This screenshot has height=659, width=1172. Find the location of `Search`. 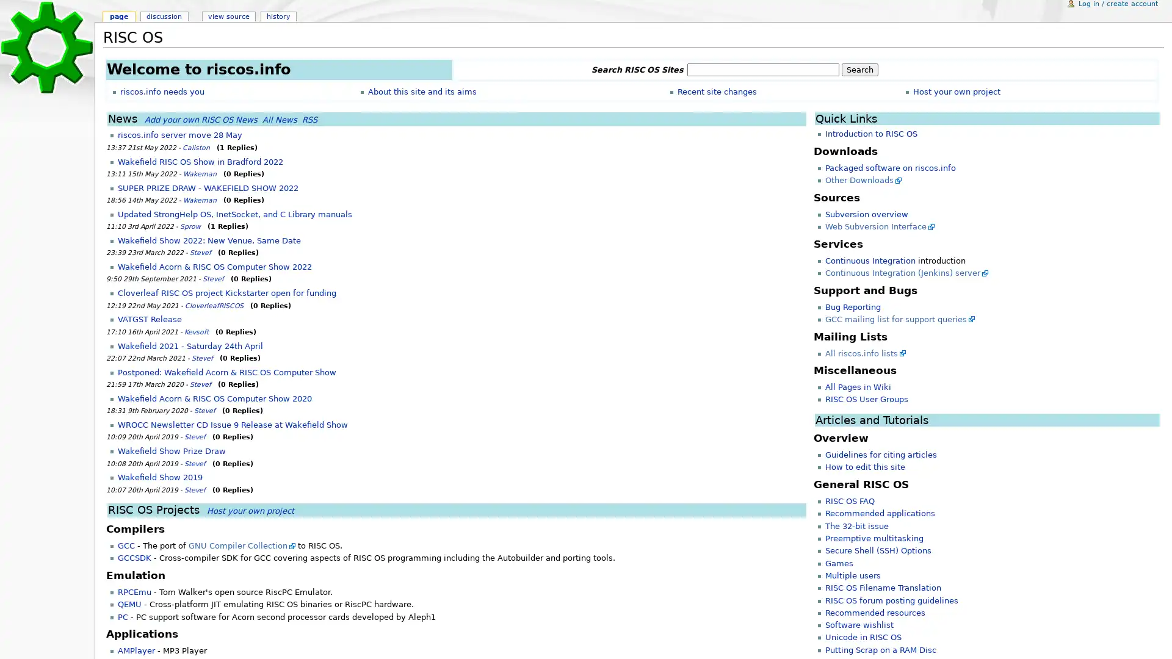

Search is located at coordinates (858, 70).